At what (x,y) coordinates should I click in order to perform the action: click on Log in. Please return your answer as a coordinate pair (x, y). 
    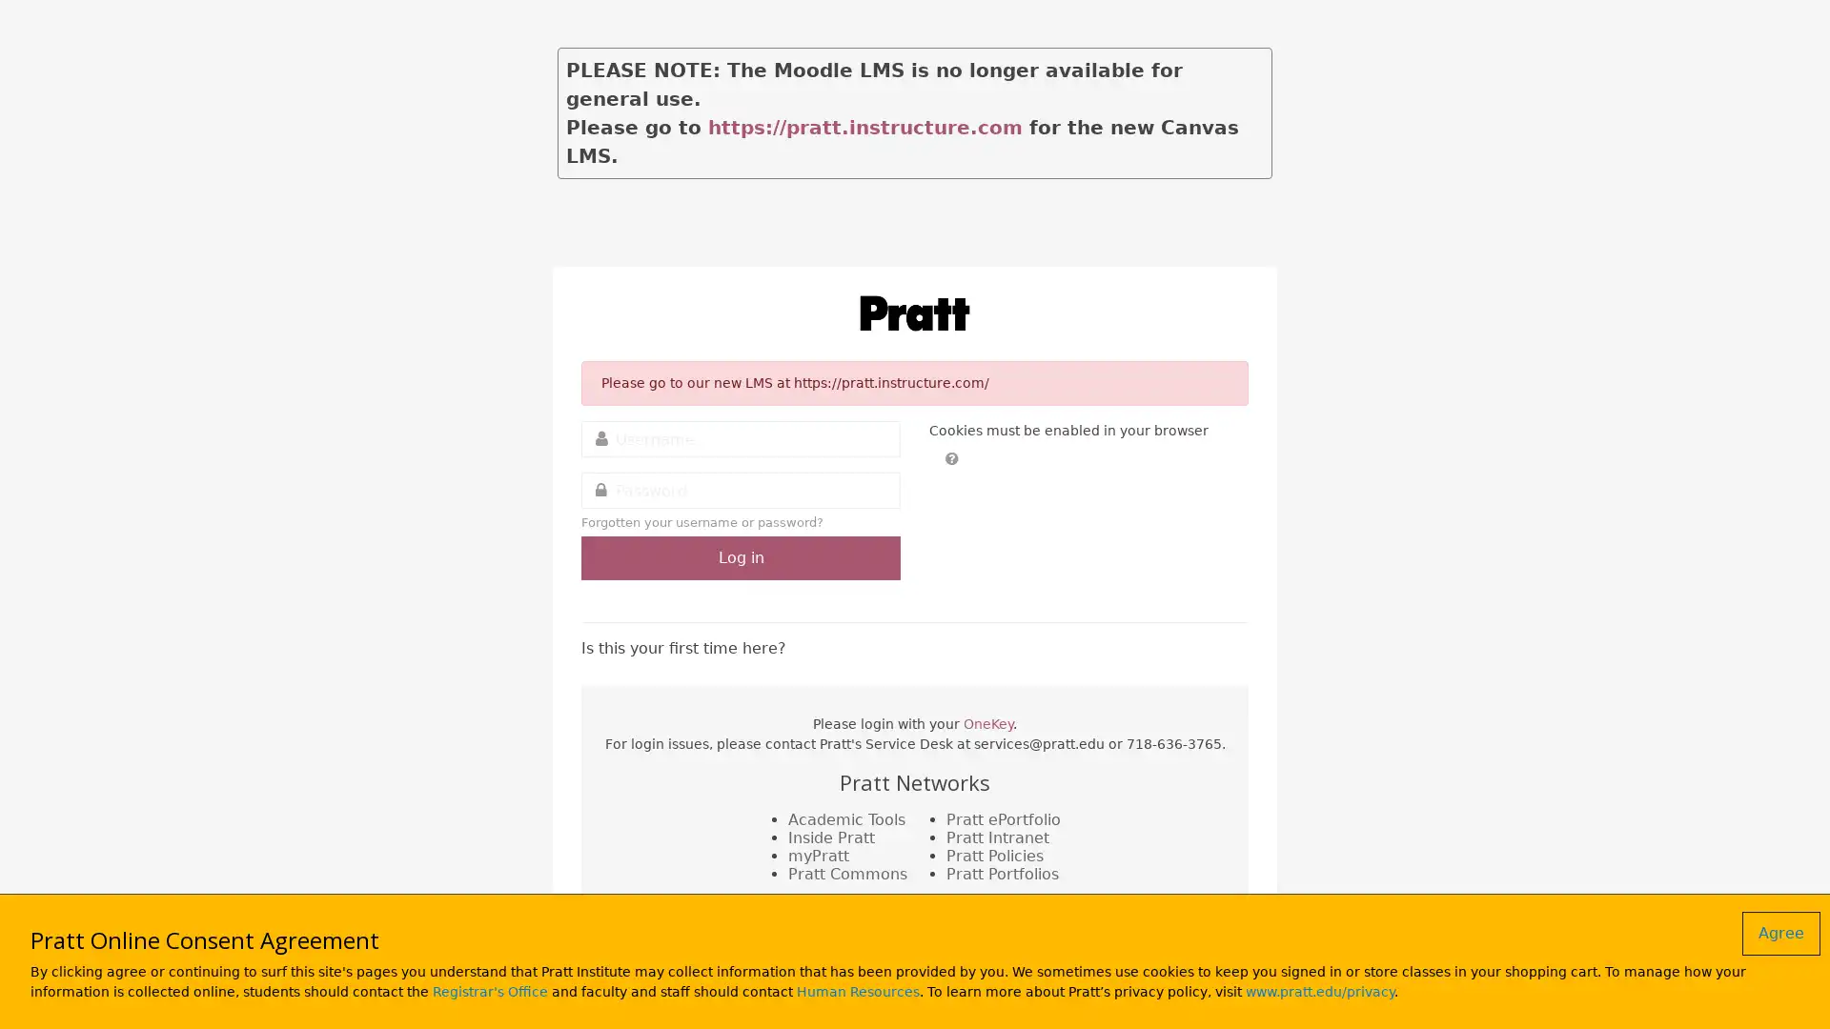
    Looking at the image, I should click on (740, 557).